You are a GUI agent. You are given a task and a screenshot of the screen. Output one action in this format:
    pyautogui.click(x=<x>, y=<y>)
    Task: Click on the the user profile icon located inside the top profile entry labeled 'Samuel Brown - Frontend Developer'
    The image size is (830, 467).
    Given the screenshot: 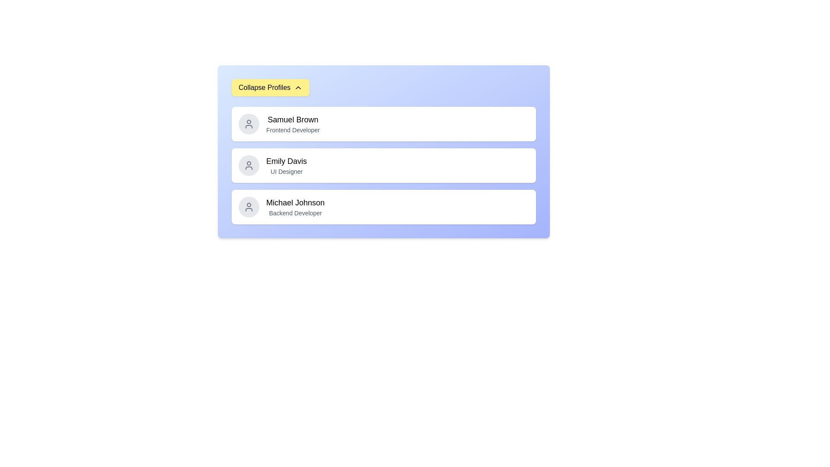 What is the action you would take?
    pyautogui.click(x=249, y=124)
    